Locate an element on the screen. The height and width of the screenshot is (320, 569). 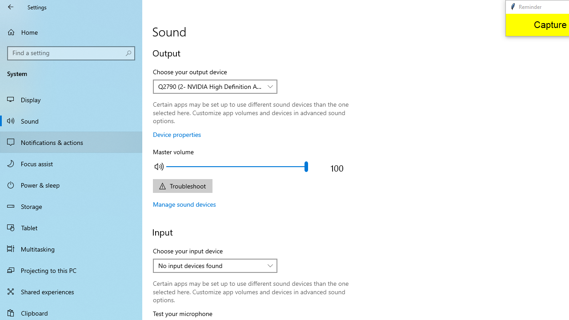
'Adjust the master output volume' is located at coordinates (237, 167).